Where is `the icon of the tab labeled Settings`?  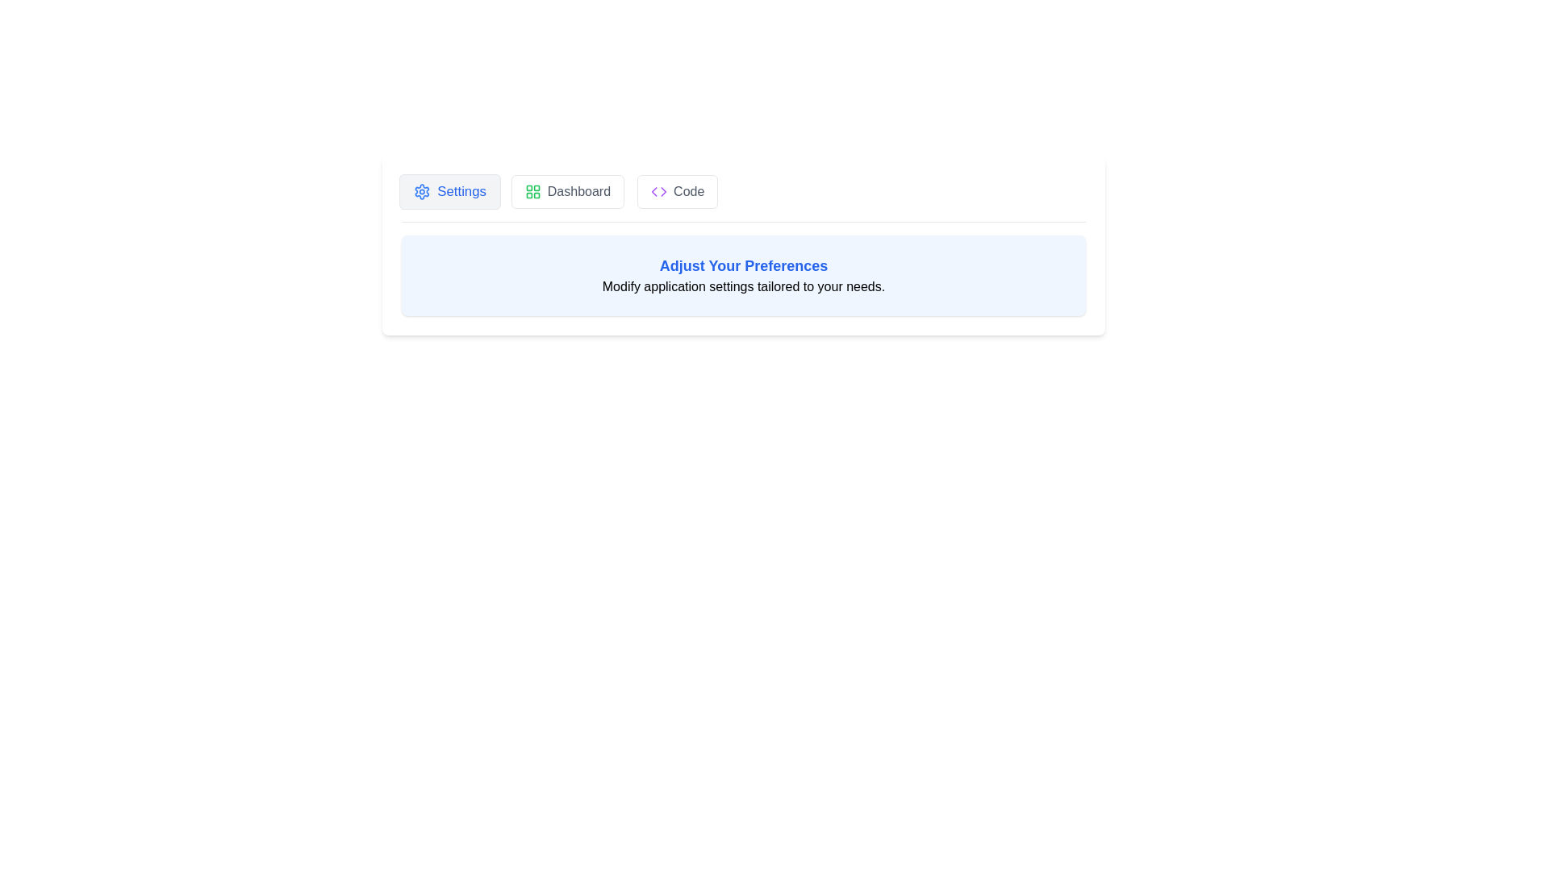
the icon of the tab labeled Settings is located at coordinates (422, 191).